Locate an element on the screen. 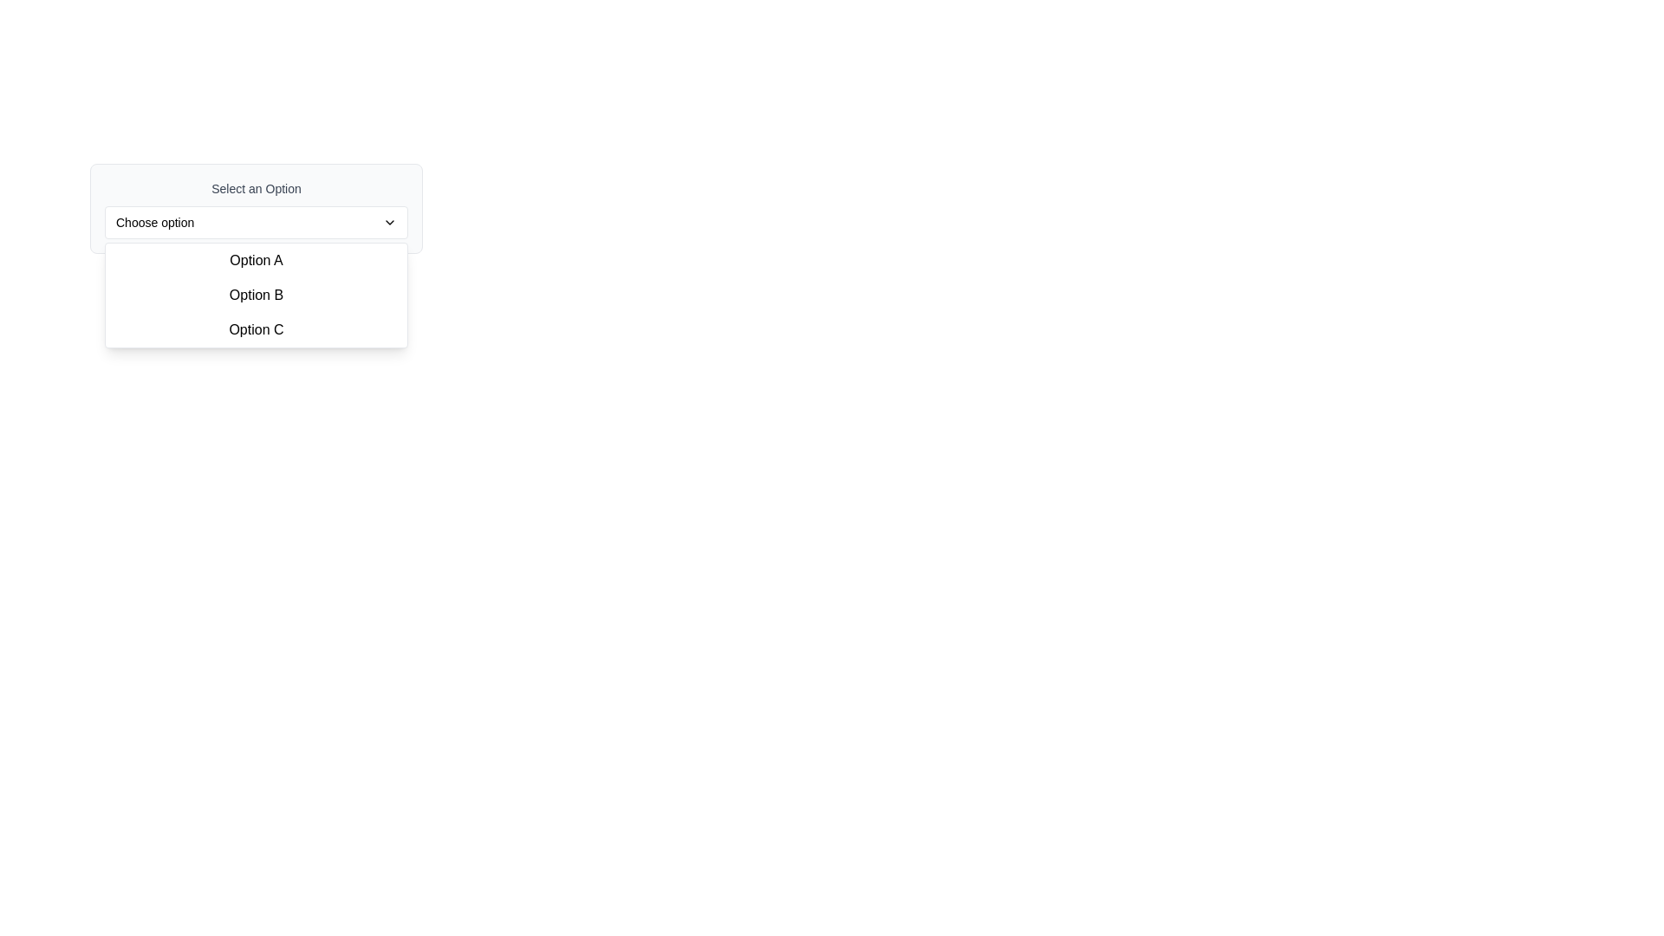  to select the third option 'Option C' in the dropdown menu, which is represented by a rectangular segment with rounded edges and bold text on a white background is located at coordinates (256, 330).